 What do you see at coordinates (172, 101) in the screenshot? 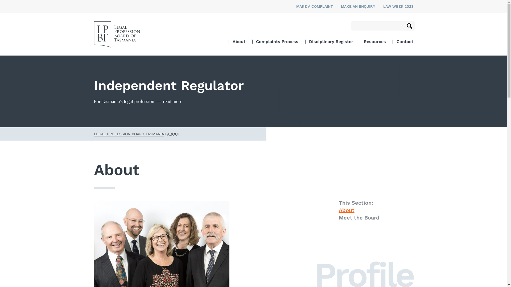
I see `'read more'` at bounding box center [172, 101].